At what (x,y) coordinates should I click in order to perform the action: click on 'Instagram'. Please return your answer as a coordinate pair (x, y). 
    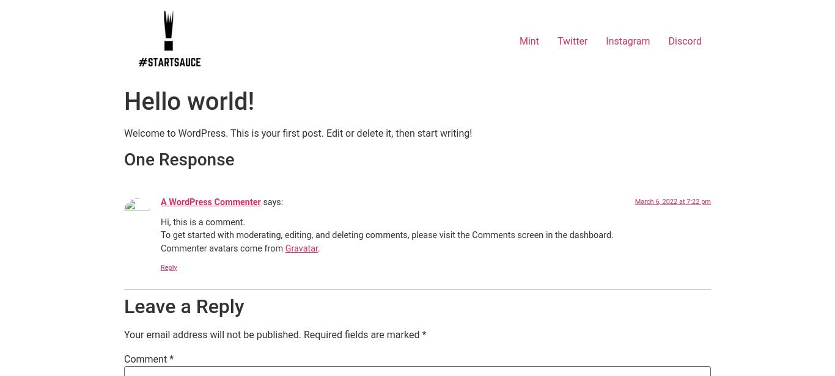
    Looking at the image, I should click on (627, 40).